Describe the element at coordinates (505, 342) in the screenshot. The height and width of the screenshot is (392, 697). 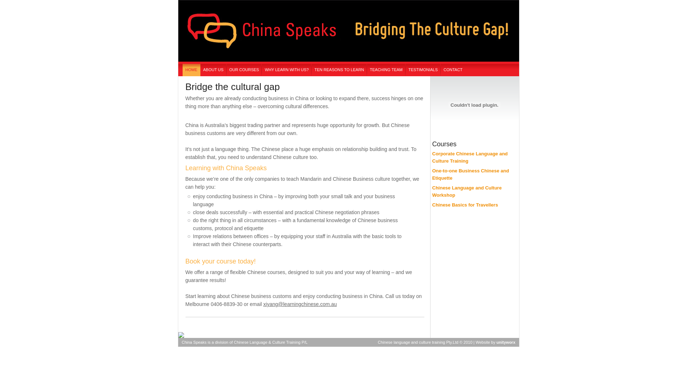
I see `'unityworx'` at that location.